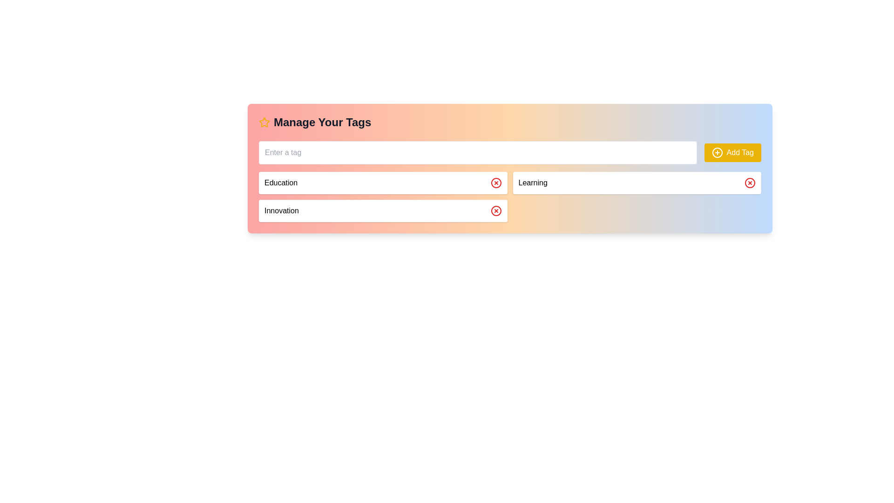  I want to click on the delete button represented as an SVG graphic on the far right of the 'Learning' row in the tag management section, so click(750, 183).